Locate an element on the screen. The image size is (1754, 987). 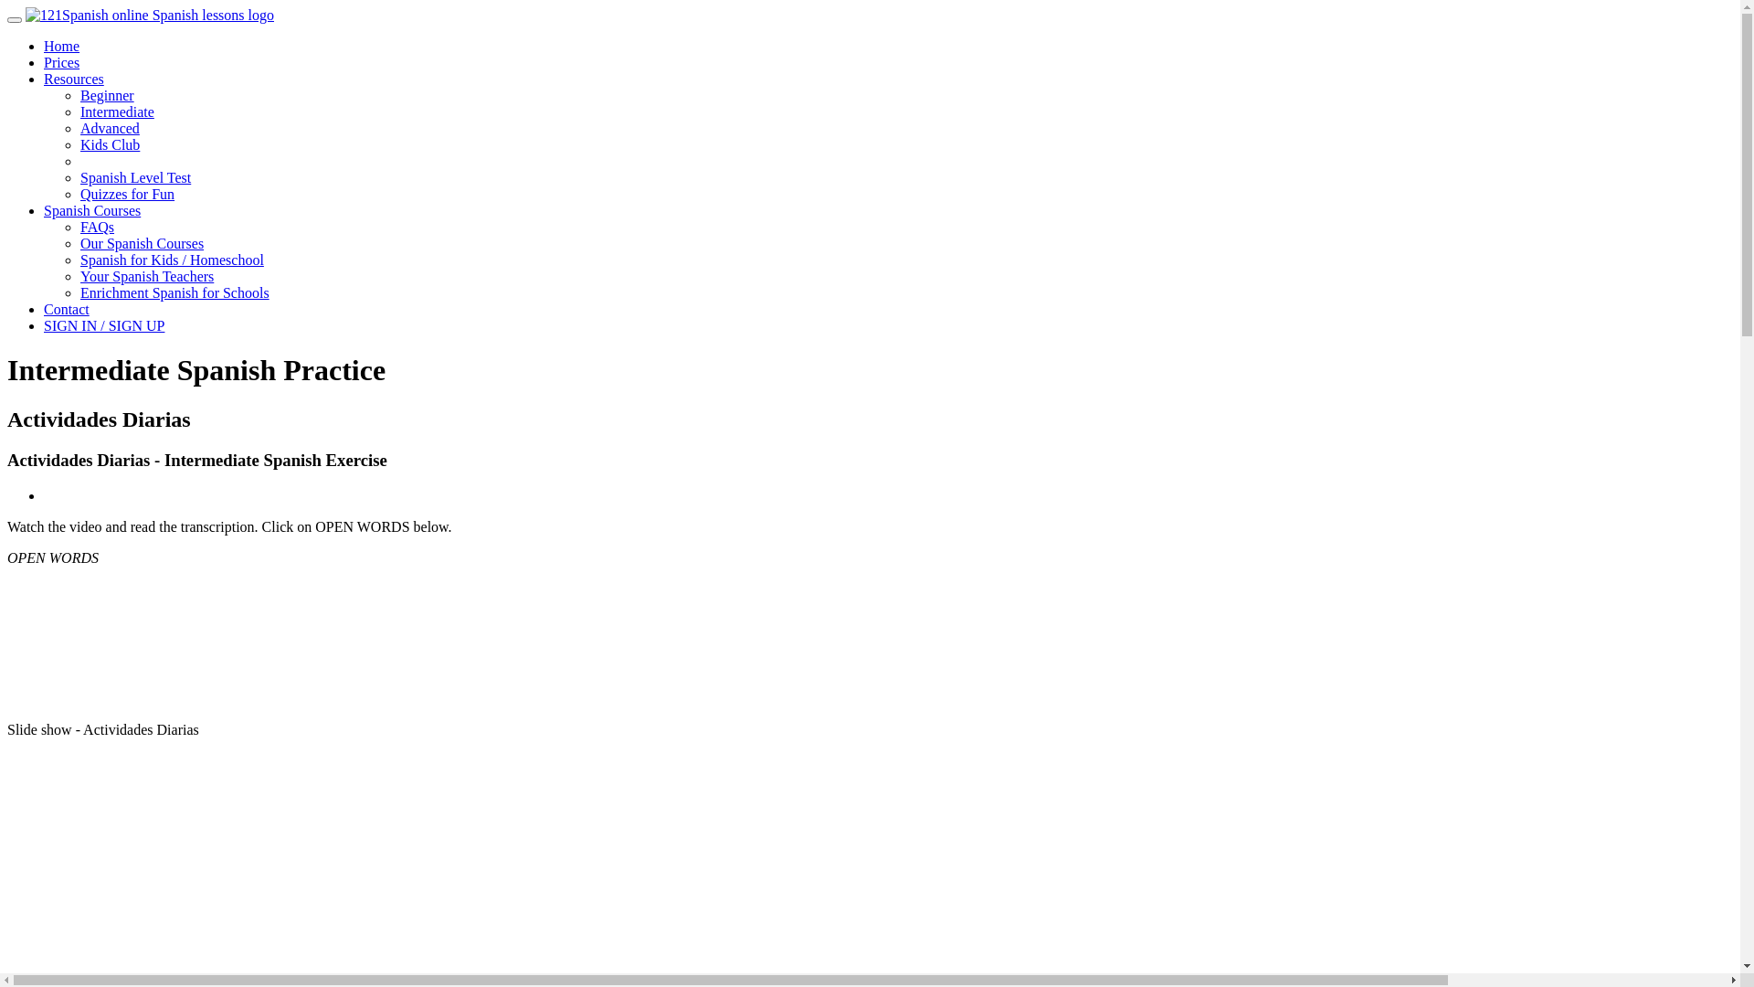
'Spanish for Kids / Homeschool' is located at coordinates (172, 260).